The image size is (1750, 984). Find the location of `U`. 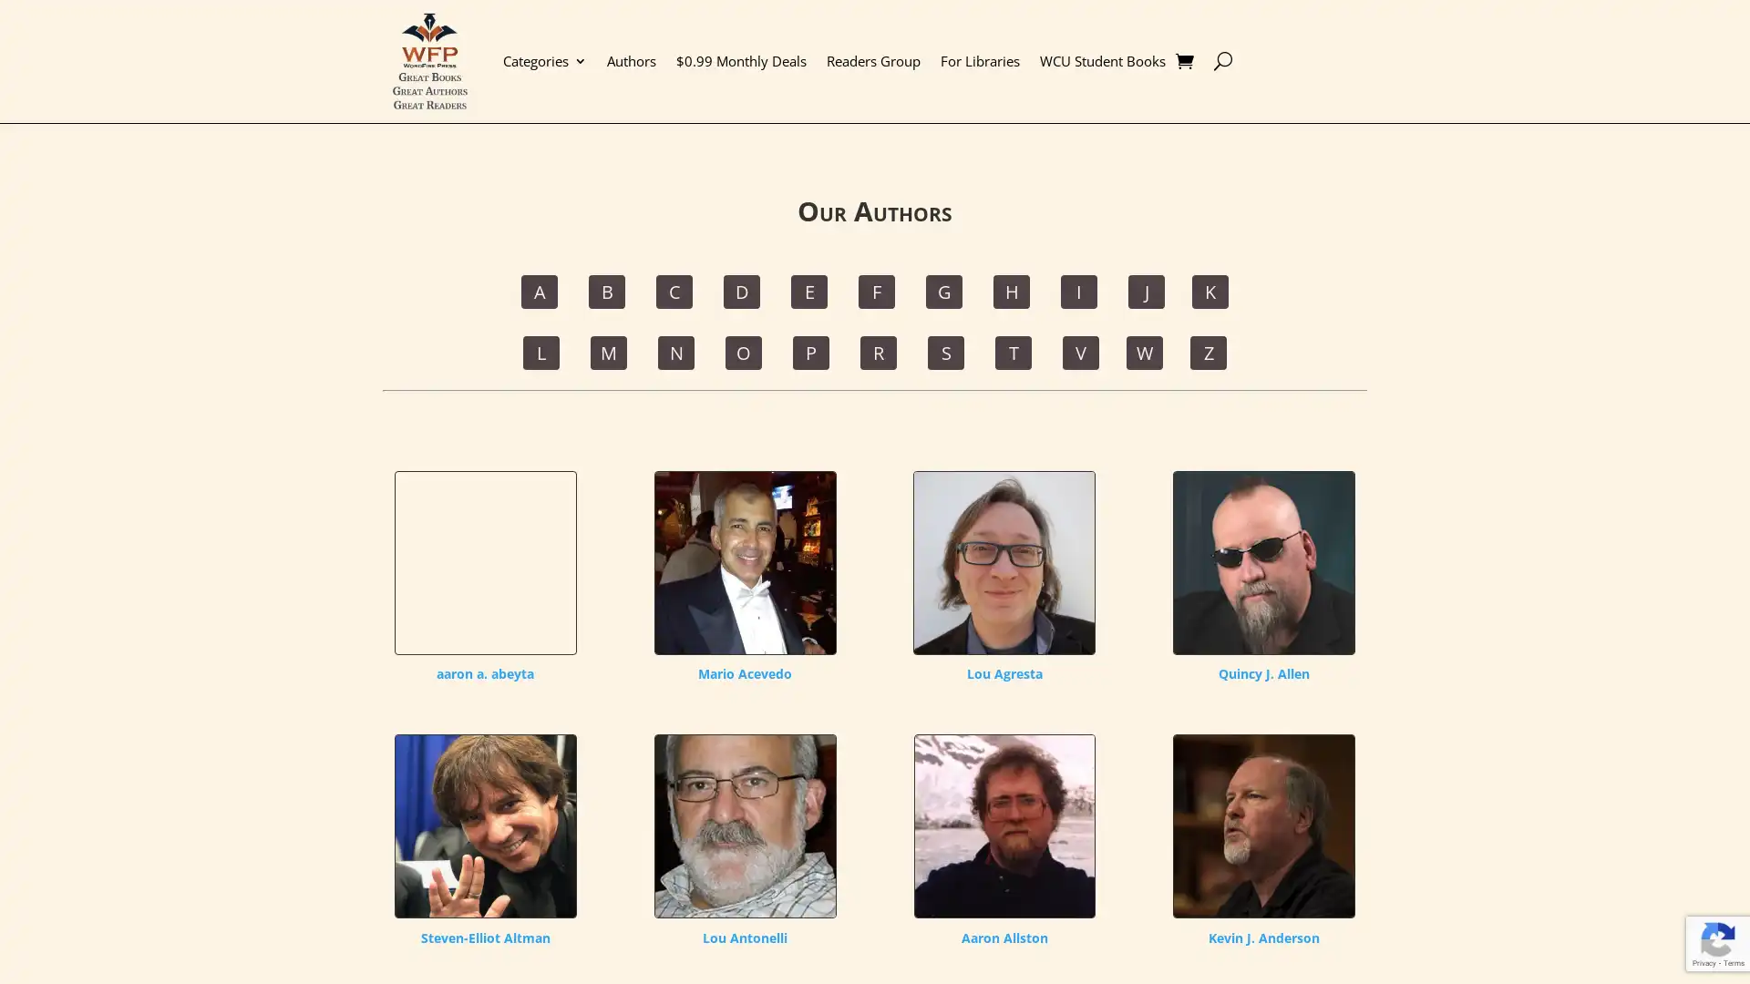

U is located at coordinates (1221, 59).